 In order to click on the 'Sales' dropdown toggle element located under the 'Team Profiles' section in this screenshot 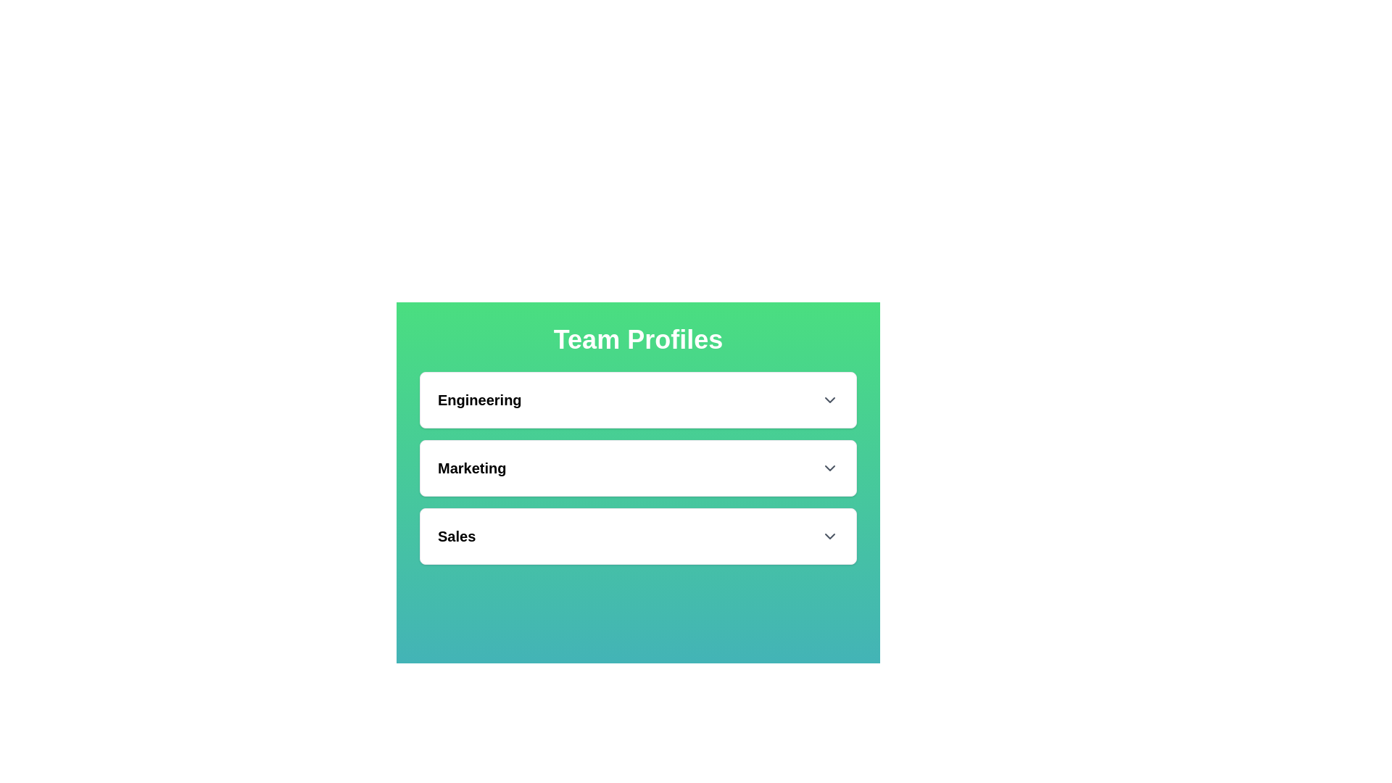, I will do `click(638, 536)`.